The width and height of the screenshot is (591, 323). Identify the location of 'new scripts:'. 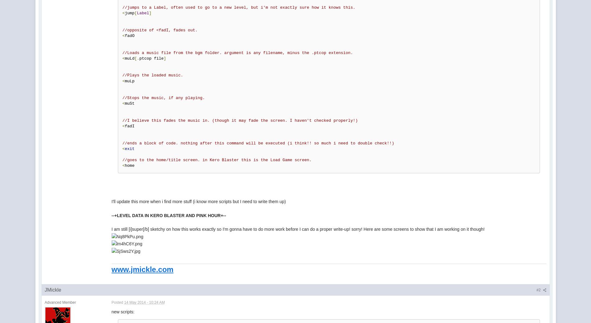
(123, 311).